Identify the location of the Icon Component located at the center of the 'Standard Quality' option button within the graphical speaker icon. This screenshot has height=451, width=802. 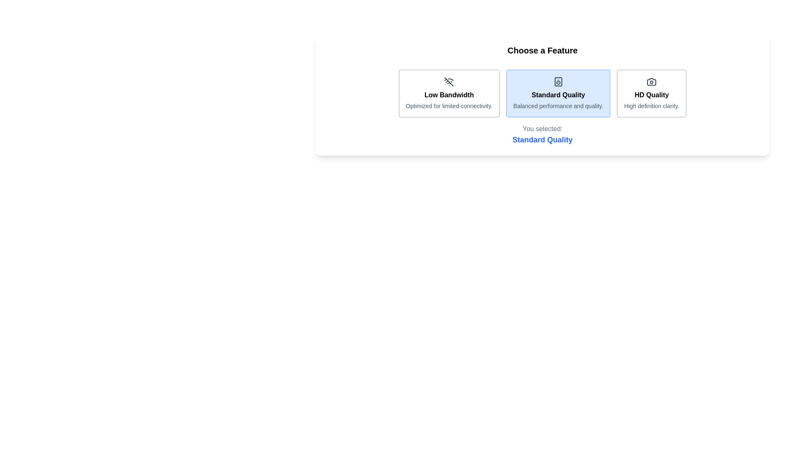
(558, 82).